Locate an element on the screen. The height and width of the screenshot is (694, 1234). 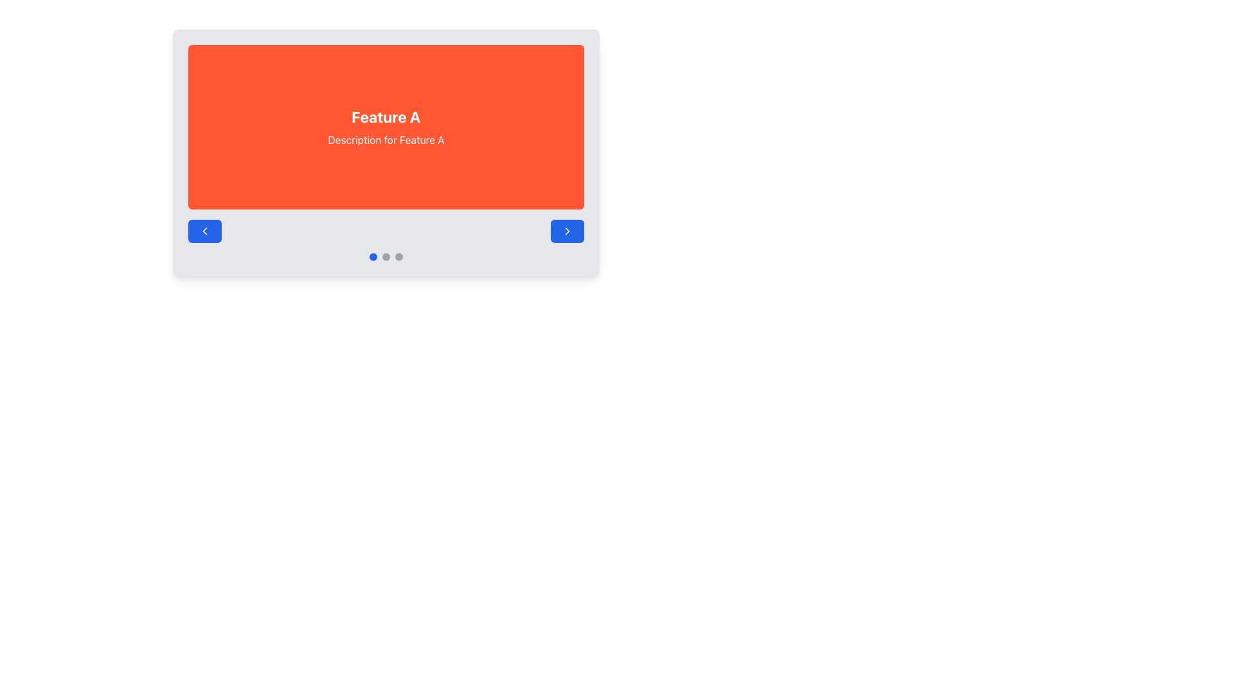
the blue circular button containing the arrow icon on the left side of the navigation interface is located at coordinates (204, 230).